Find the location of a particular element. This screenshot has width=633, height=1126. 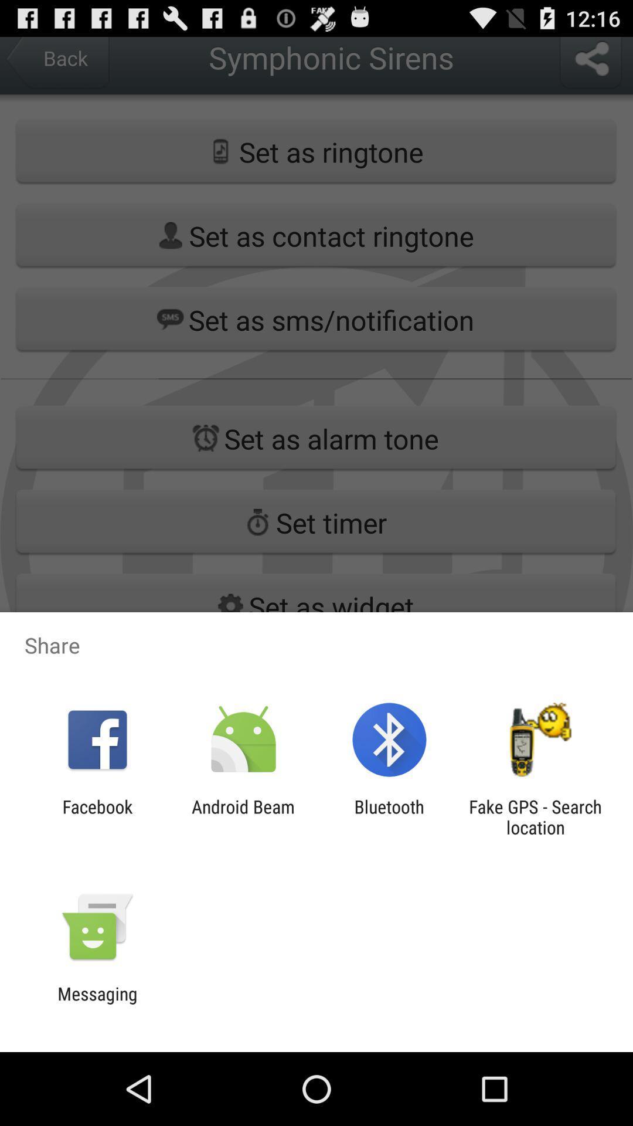

fake gps search icon is located at coordinates (535, 816).